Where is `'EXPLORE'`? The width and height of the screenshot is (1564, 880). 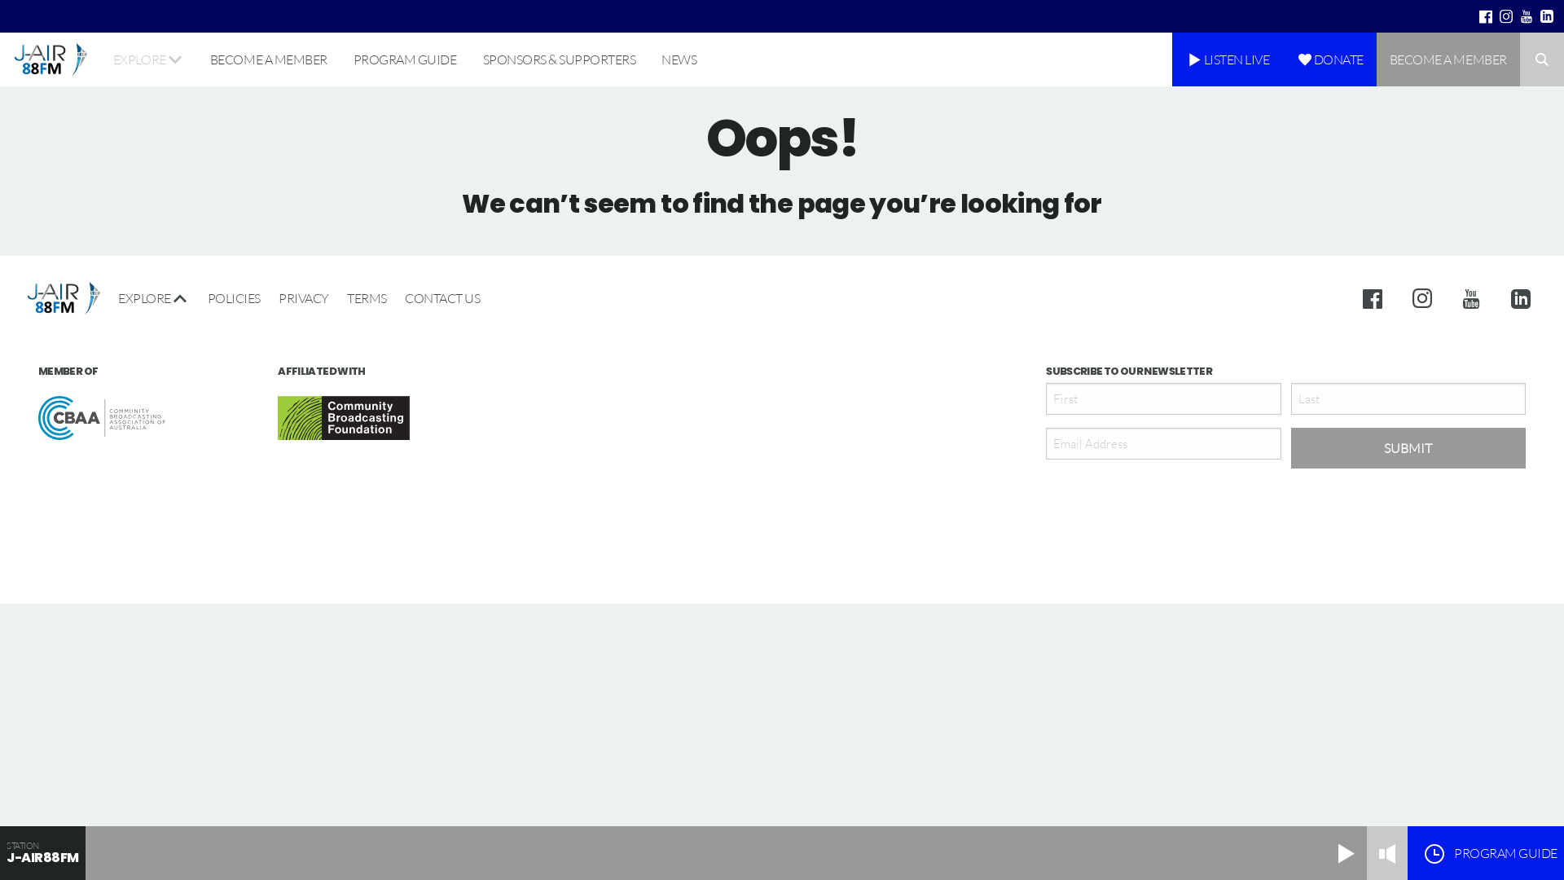
'EXPLORE' is located at coordinates (108, 298).